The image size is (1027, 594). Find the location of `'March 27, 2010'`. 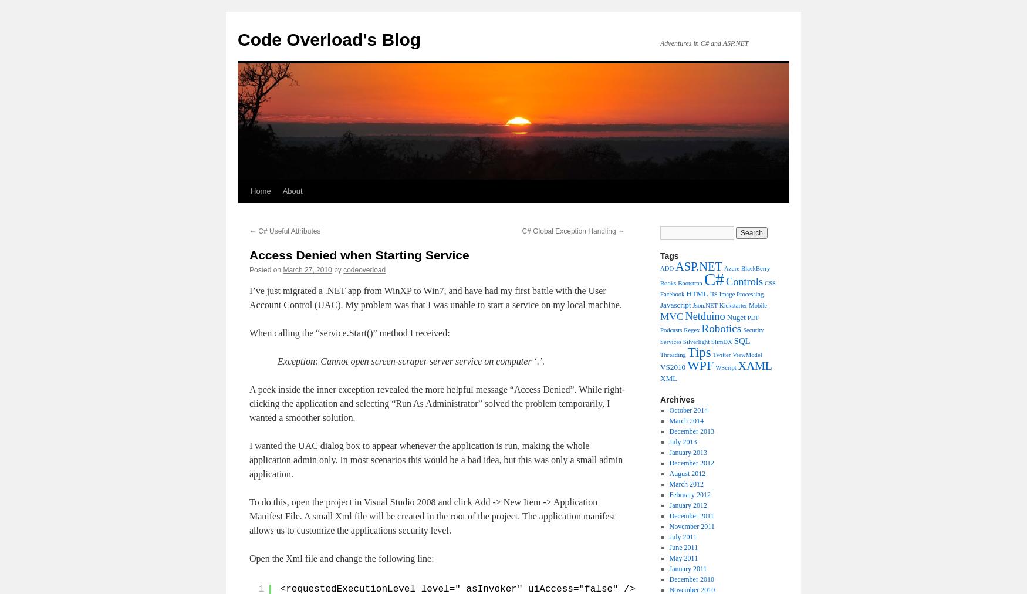

'March 27, 2010' is located at coordinates (306, 269).